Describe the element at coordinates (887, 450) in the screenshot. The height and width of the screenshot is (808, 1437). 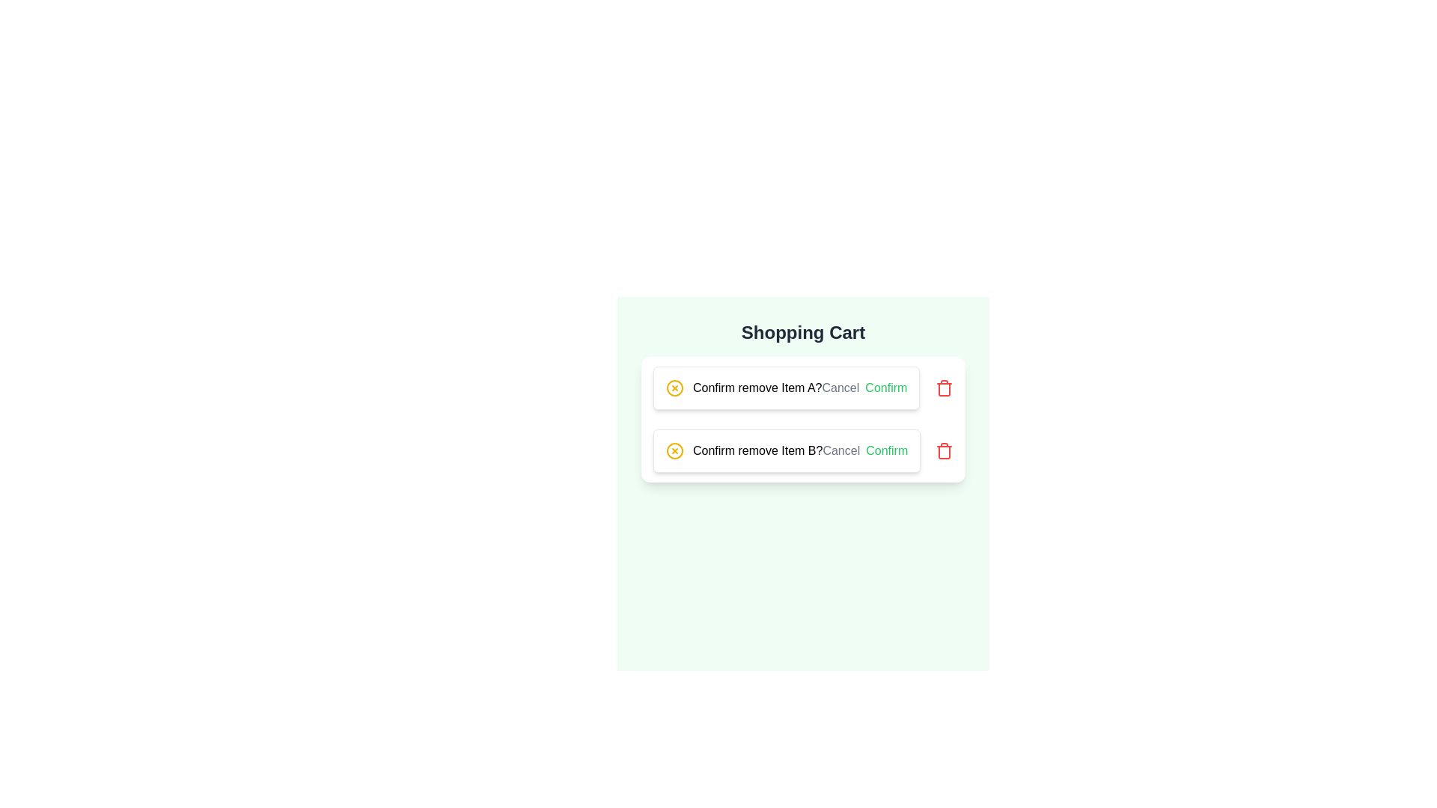
I see `the green 'Confirm' button located at the bottom-right corner of the modal dialog to finalize the action` at that location.